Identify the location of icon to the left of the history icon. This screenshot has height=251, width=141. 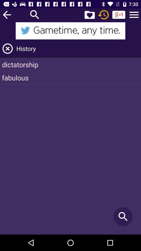
(7, 49).